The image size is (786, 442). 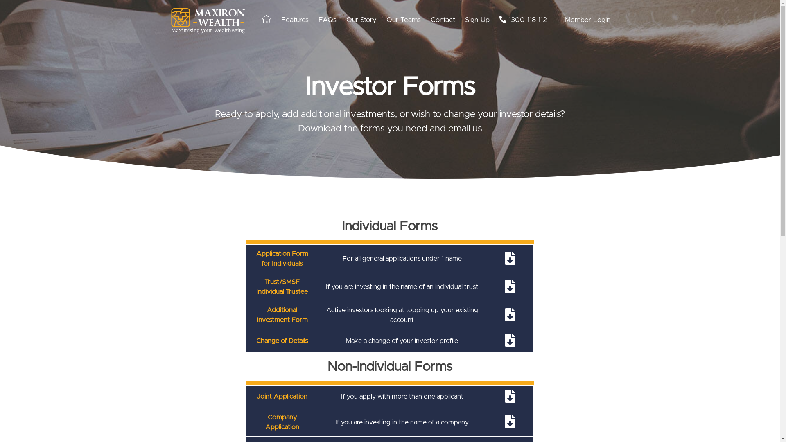 I want to click on 'Member Login', so click(x=560, y=19).